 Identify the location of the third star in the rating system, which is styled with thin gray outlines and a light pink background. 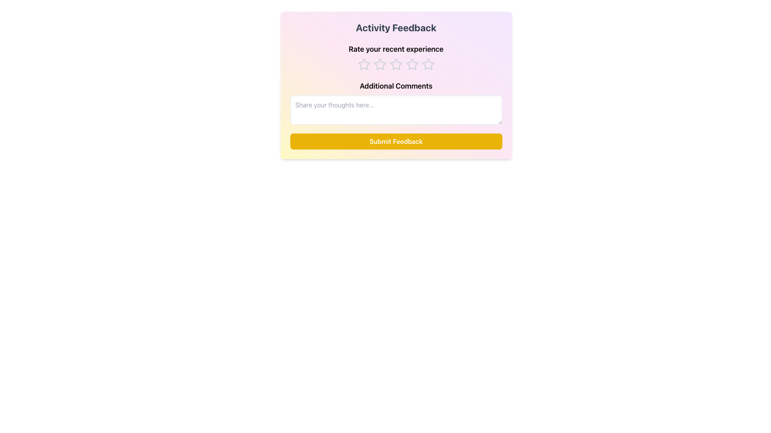
(412, 64).